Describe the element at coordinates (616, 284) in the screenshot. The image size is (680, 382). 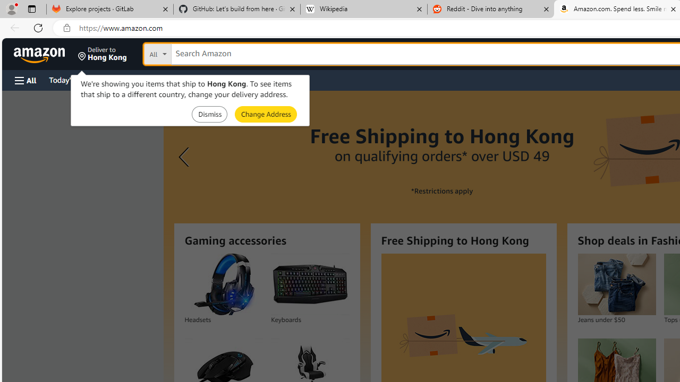
I see `'Jeans under $50'` at that location.